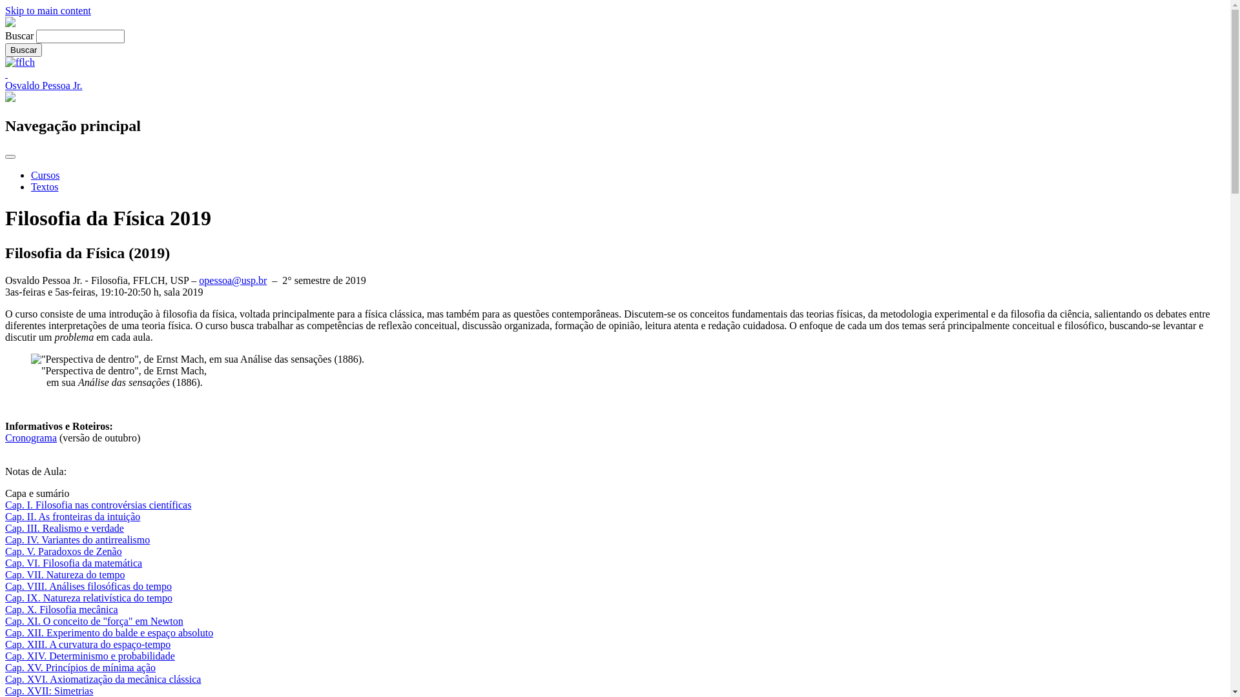 This screenshot has width=1240, height=697. I want to click on 'opessoa@usp.br', so click(232, 279).